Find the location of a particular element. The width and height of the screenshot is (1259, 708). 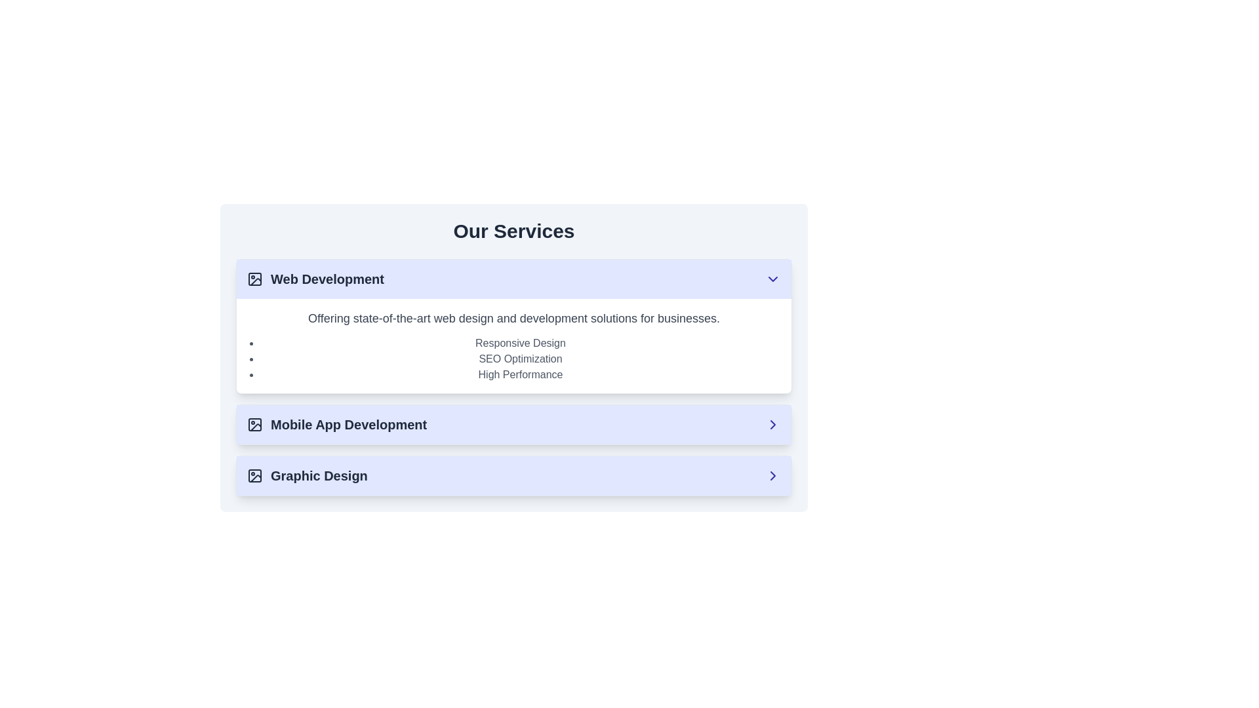

the small picture frame icon located to the left of the 'Graphic Design' text in the service list is located at coordinates (254, 475).